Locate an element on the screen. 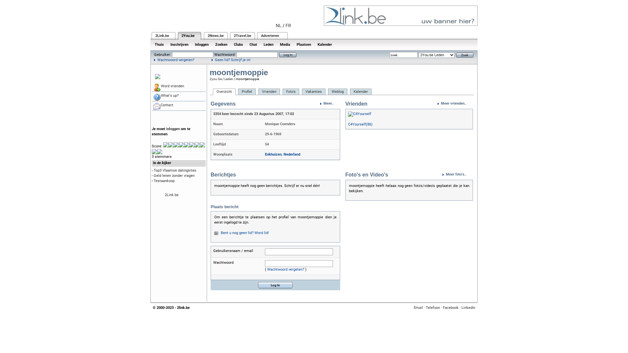 The height and width of the screenshot is (353, 628). 'Foto's' is located at coordinates (283, 92).